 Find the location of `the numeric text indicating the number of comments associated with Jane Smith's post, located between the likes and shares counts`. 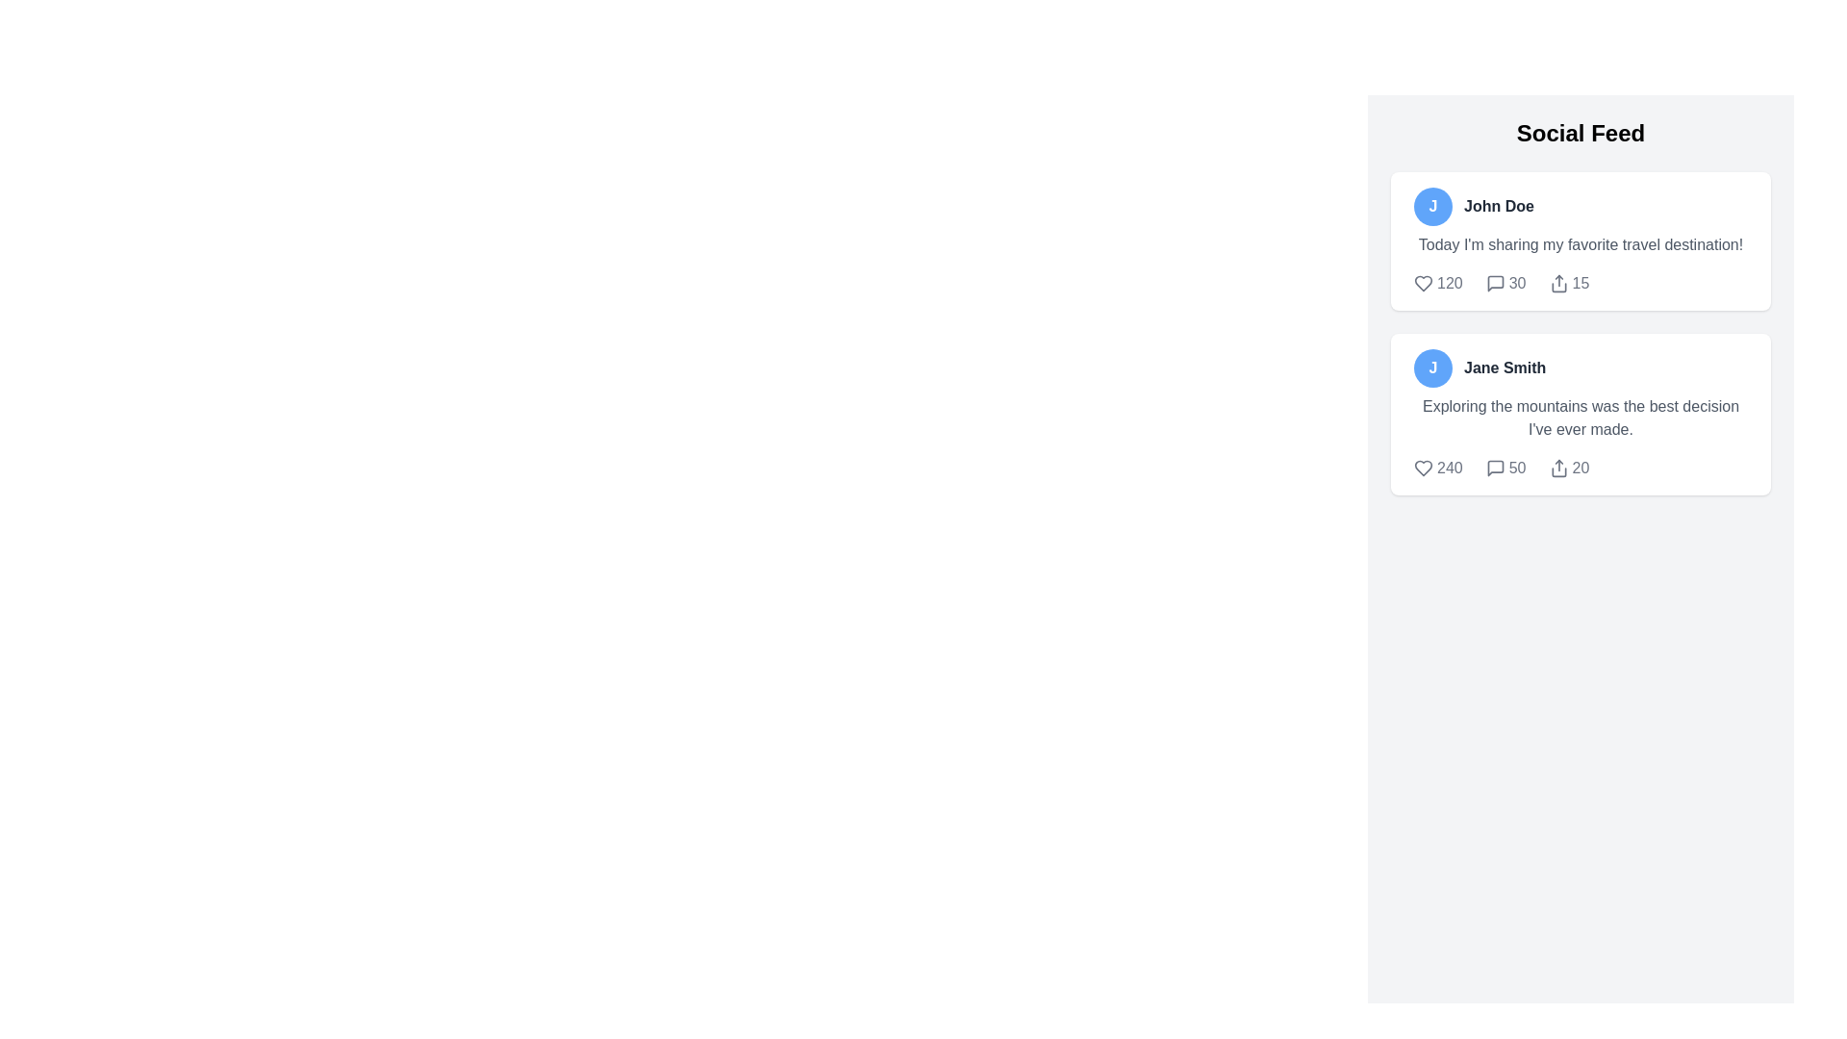

the numeric text indicating the number of comments associated with Jane Smith's post, located between the likes and shares counts is located at coordinates (1505, 468).